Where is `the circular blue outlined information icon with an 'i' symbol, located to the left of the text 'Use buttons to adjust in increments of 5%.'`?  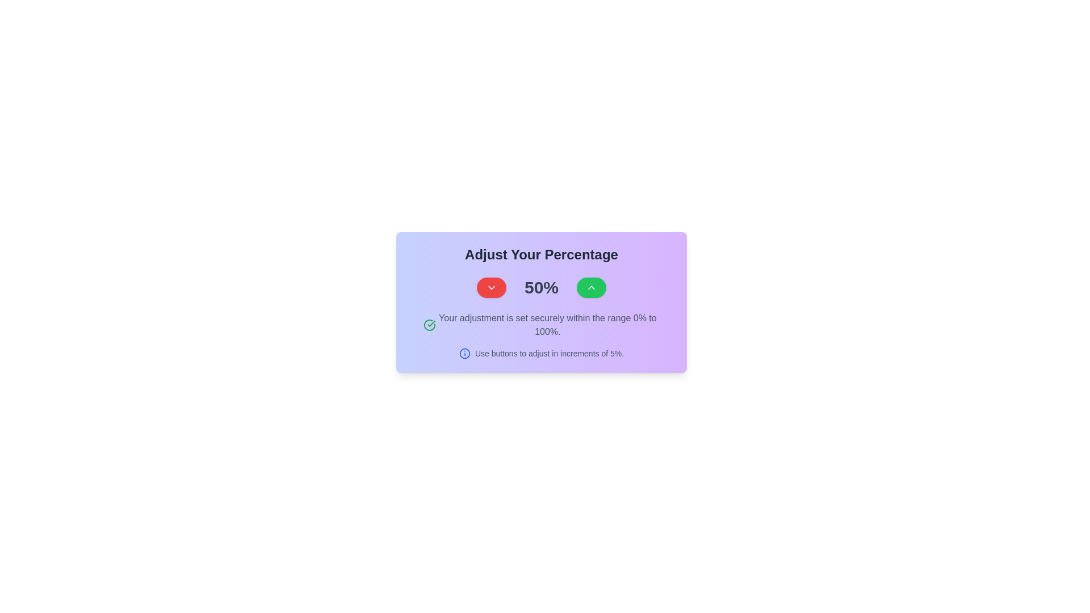
the circular blue outlined information icon with an 'i' symbol, located to the left of the text 'Use buttons to adjust in increments of 5%.' is located at coordinates (464, 353).